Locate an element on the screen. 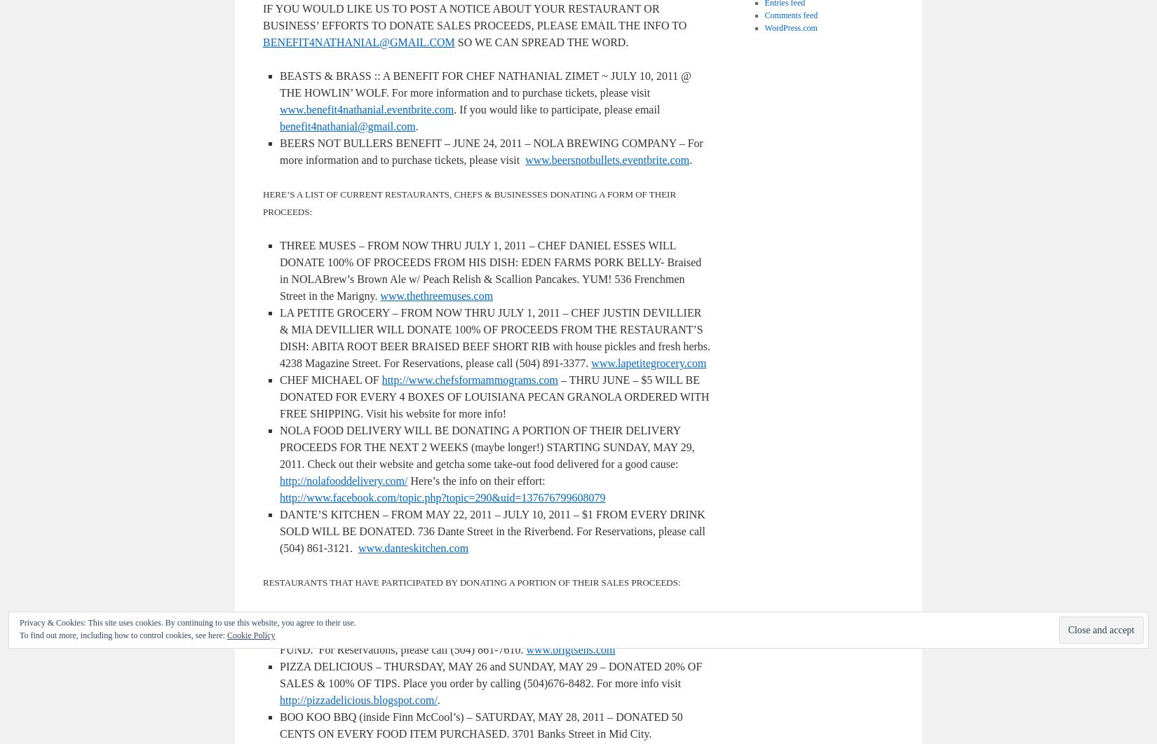 Image resolution: width=1157 pixels, height=744 pixels. 'http://www.chefsformammograms.com' is located at coordinates (469, 380).